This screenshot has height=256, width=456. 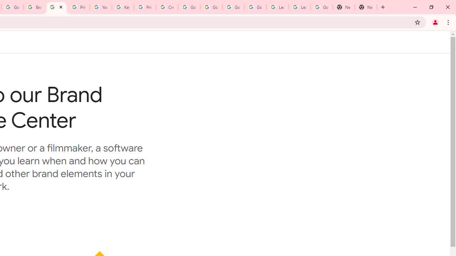 I want to click on 'Restore', so click(x=431, y=7).